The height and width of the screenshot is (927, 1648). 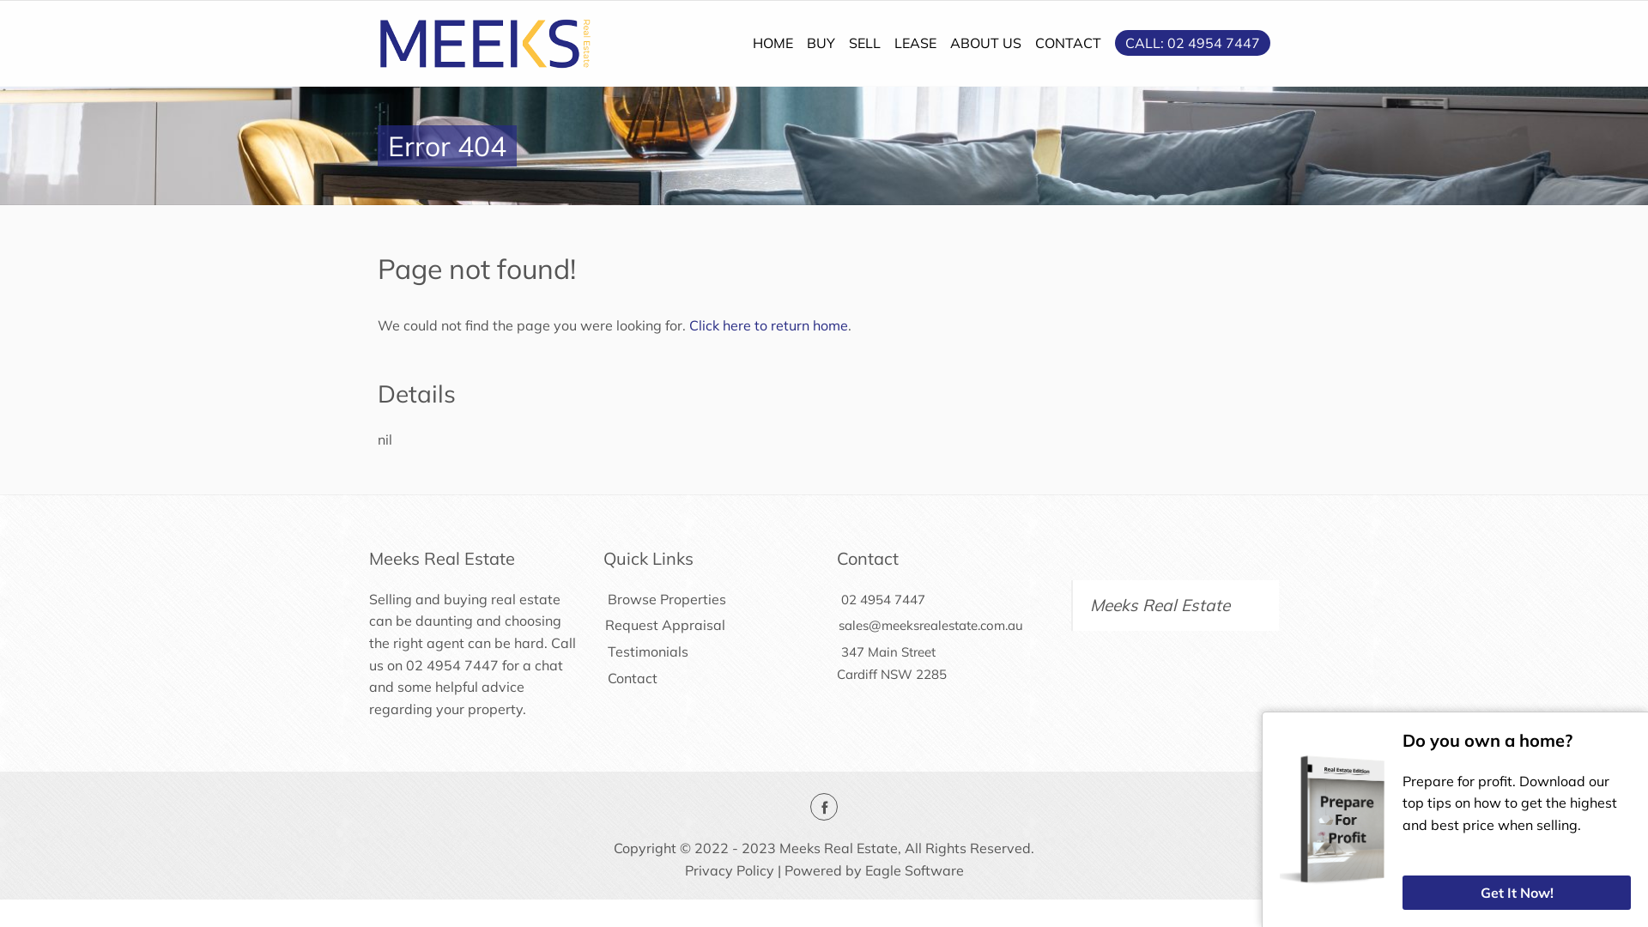 What do you see at coordinates (452, 664) in the screenshot?
I see `'02 4954 7447'` at bounding box center [452, 664].